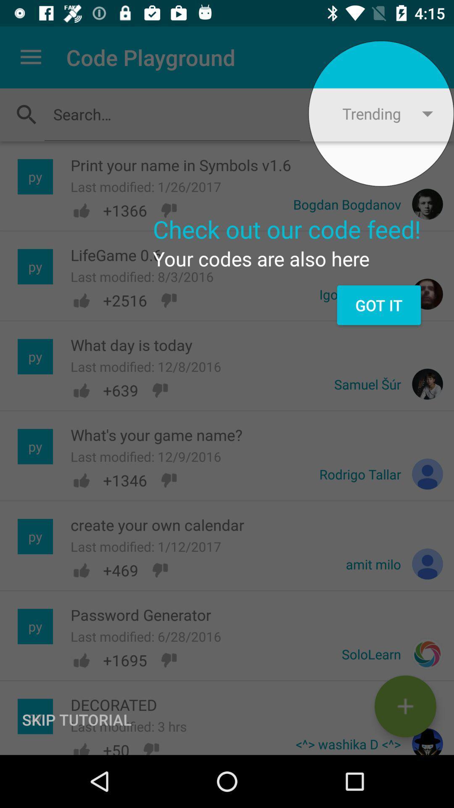 This screenshot has width=454, height=808. Describe the element at coordinates (172, 114) in the screenshot. I see `search` at that location.